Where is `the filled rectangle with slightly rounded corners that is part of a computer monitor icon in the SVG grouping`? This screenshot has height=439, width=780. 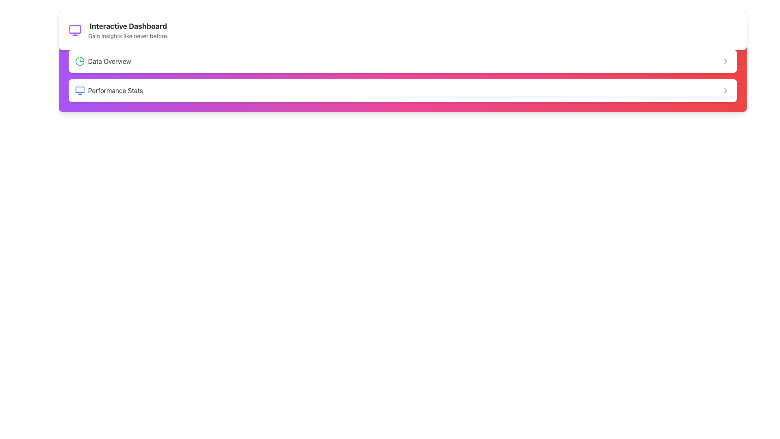 the filled rectangle with slightly rounded corners that is part of a computer monitor icon in the SVG grouping is located at coordinates (80, 89).